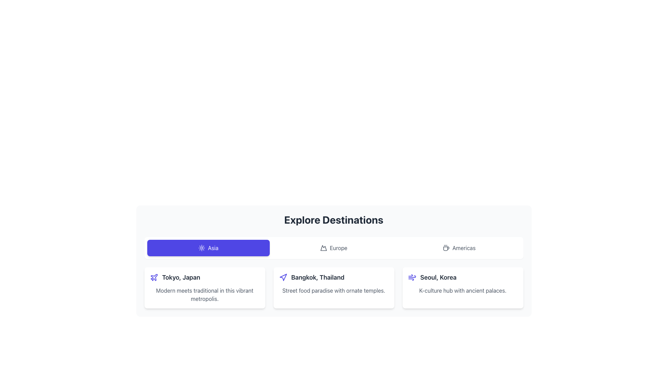 The width and height of the screenshot is (659, 371). What do you see at coordinates (334, 248) in the screenshot?
I see `the 'Europe' button, which is a rectangular button with a white background and a mountain icon` at bounding box center [334, 248].